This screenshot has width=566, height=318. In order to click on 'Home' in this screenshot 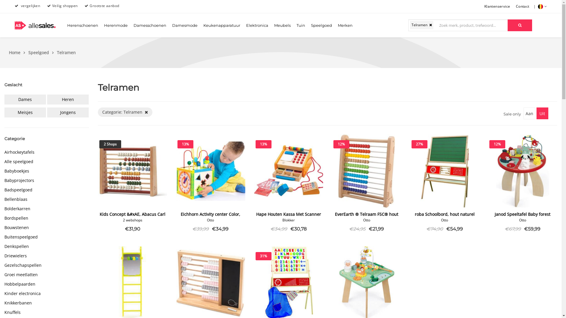, I will do `click(18, 52)`.